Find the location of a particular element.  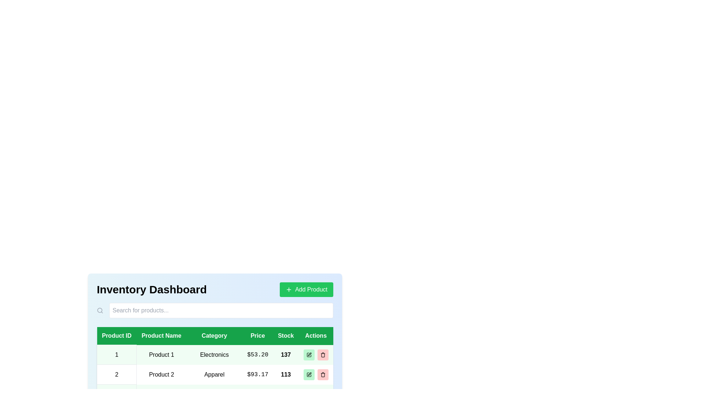

the background of the component to provide visual feedback is located at coordinates (183, 293).